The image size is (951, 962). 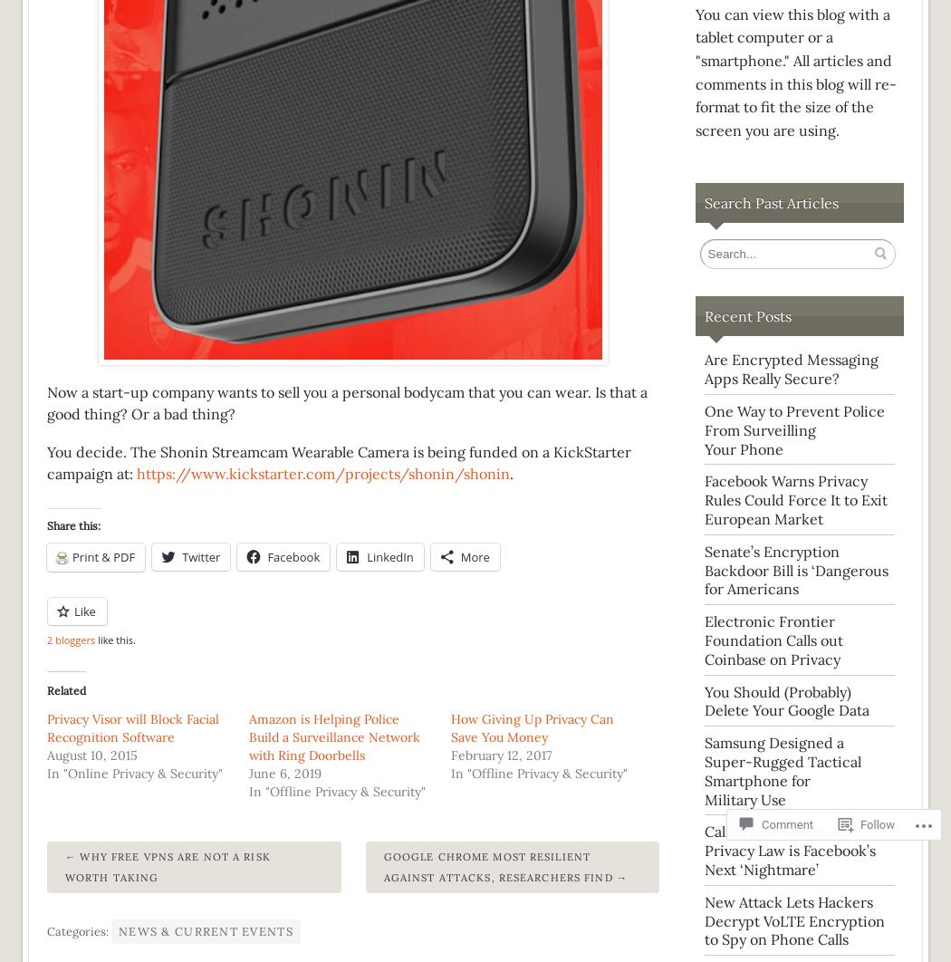 I want to click on 'Electronic Frontier Foundation Calls out Coinbase on Privacy', so click(x=773, y=640).